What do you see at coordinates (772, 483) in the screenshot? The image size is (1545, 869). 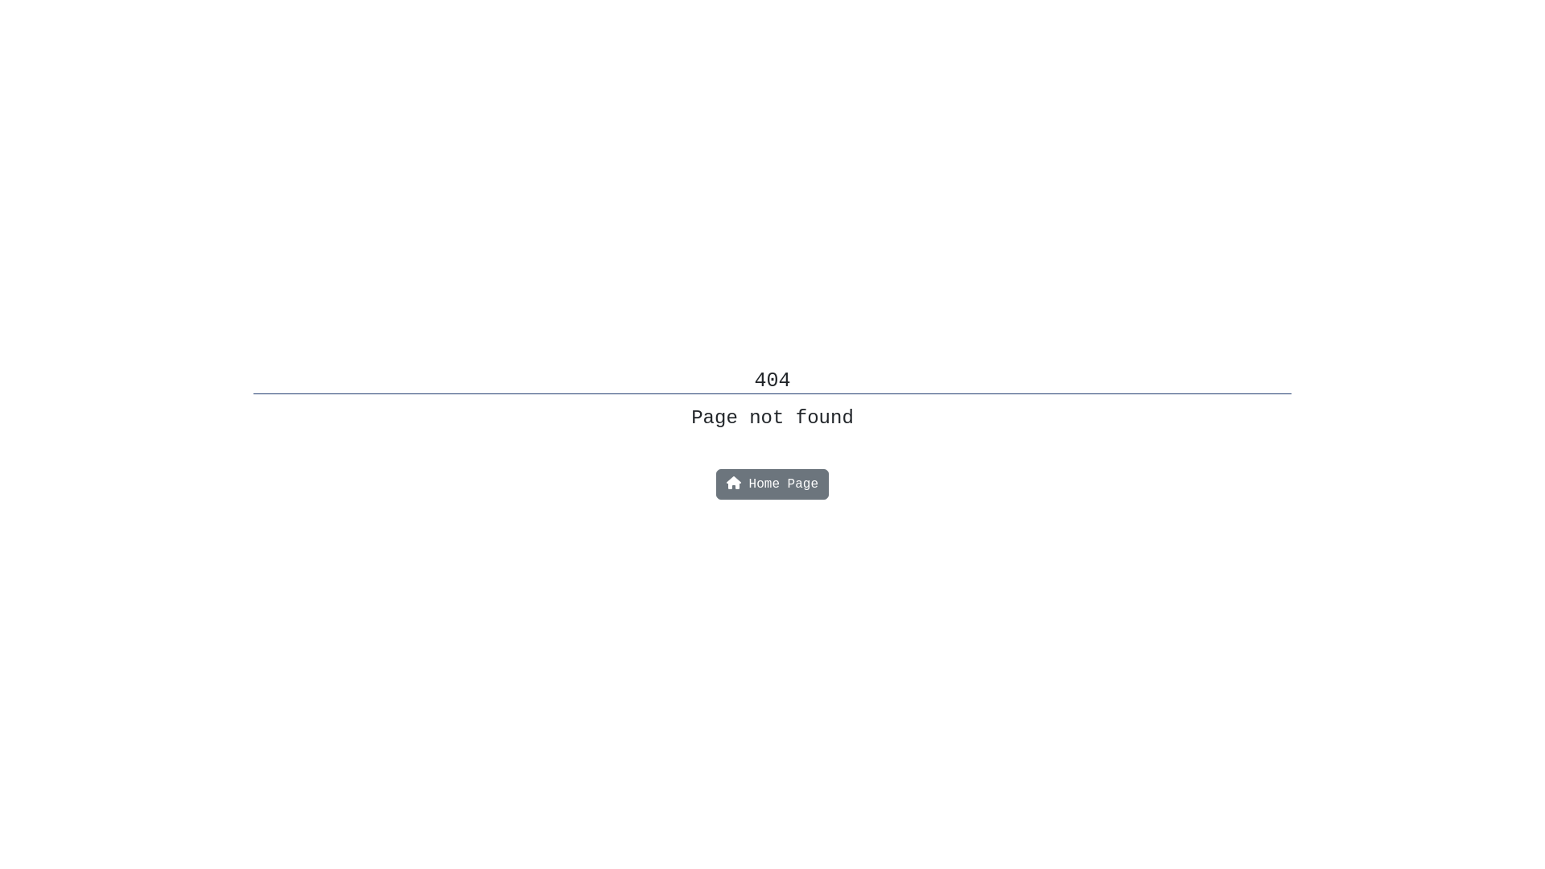 I see `'Home Page'` at bounding box center [772, 483].